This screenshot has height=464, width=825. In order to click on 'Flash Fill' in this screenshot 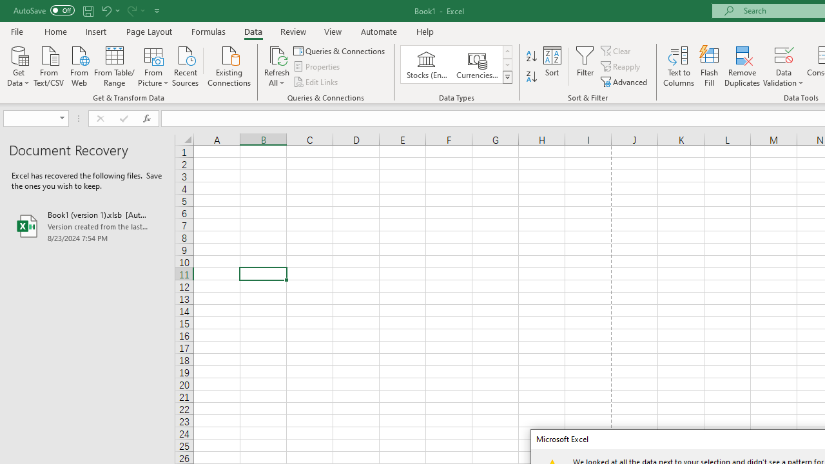, I will do `click(709, 66)`.